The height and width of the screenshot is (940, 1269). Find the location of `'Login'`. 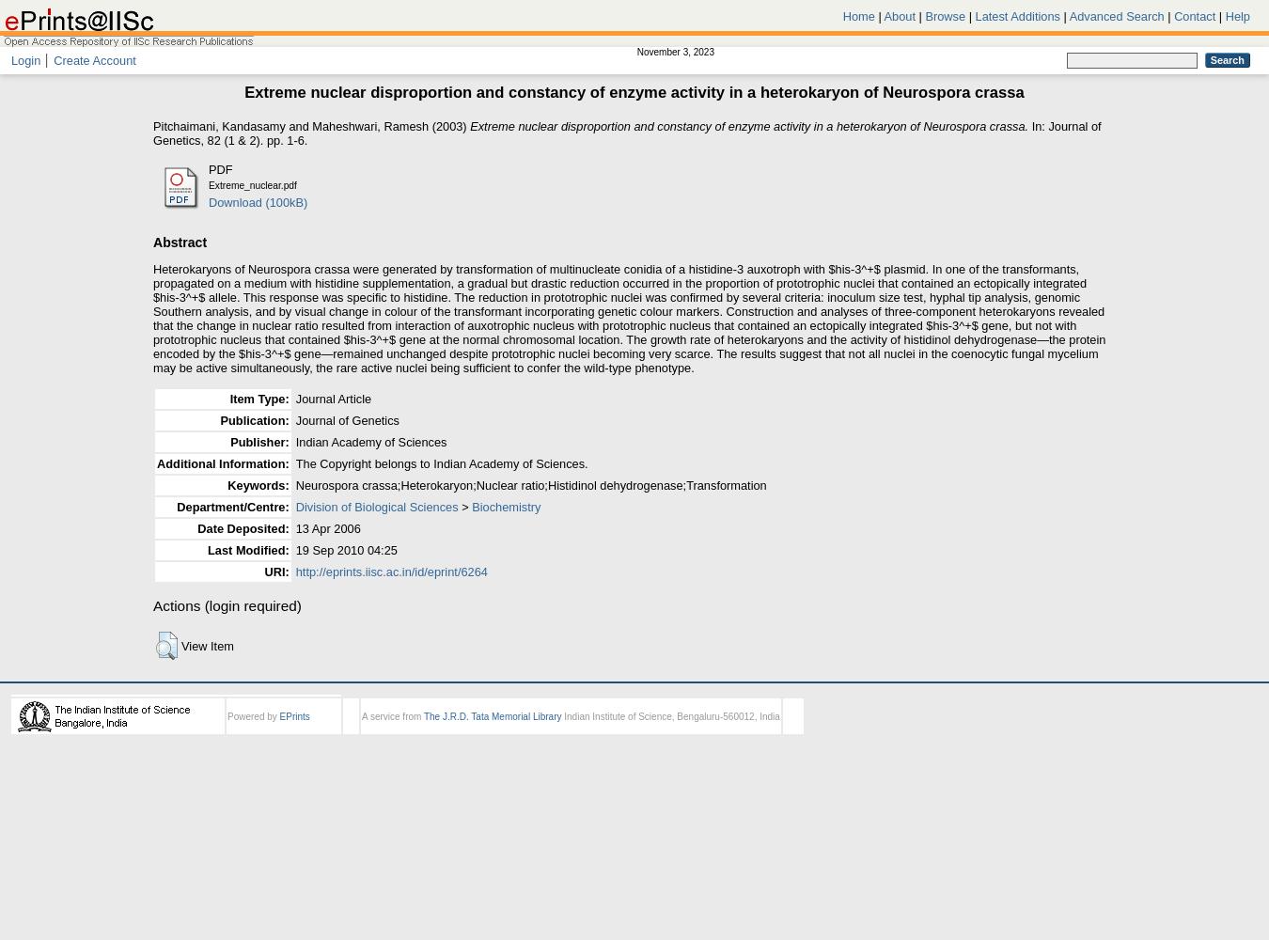

'Login' is located at coordinates (24, 59).